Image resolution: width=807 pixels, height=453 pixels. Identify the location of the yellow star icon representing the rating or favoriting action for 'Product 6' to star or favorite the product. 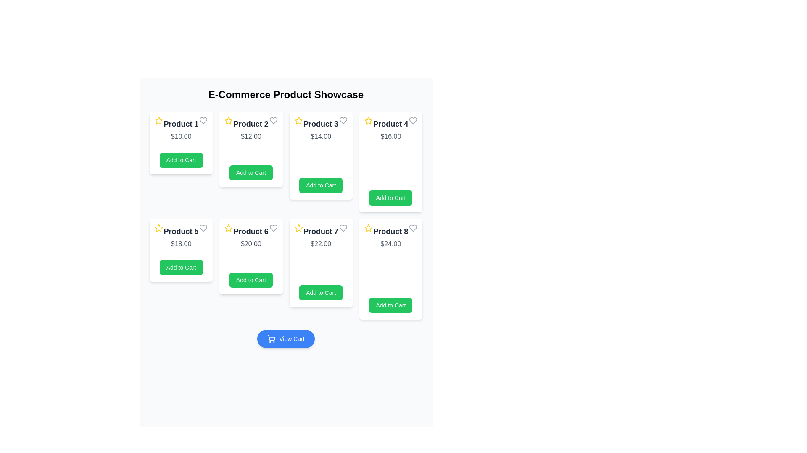
(229, 228).